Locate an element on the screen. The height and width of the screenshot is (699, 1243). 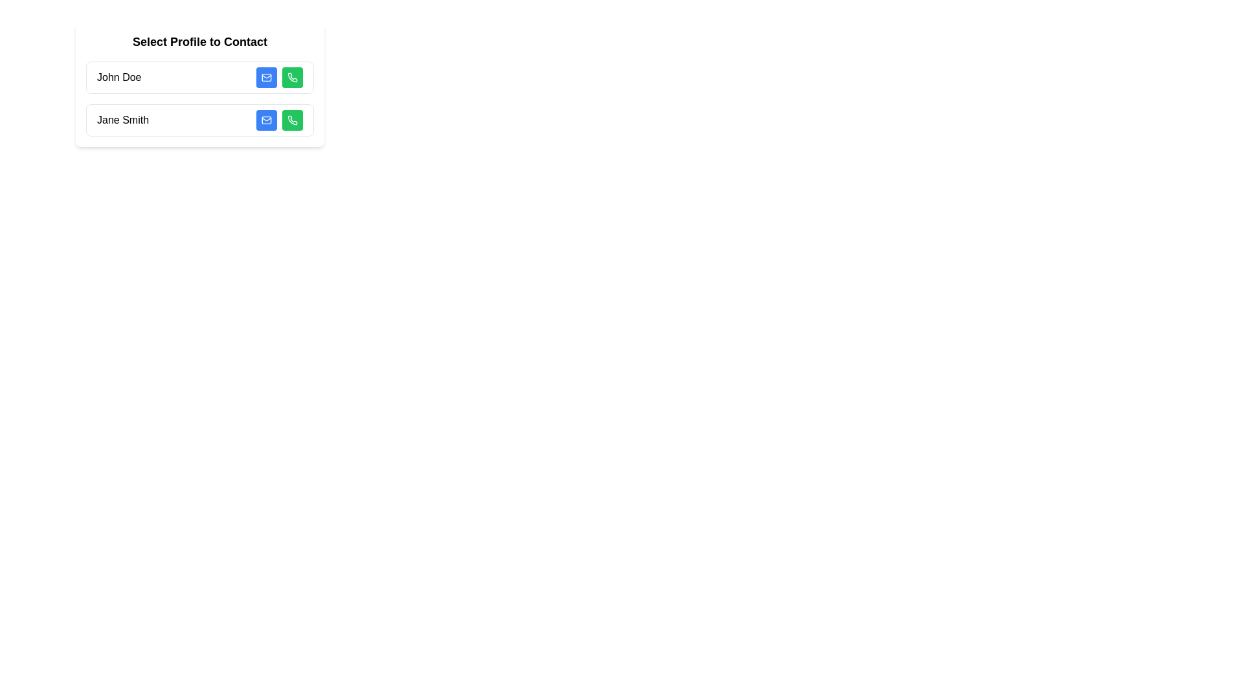
the green button with rounded corners and a phone icon is located at coordinates (291, 120).